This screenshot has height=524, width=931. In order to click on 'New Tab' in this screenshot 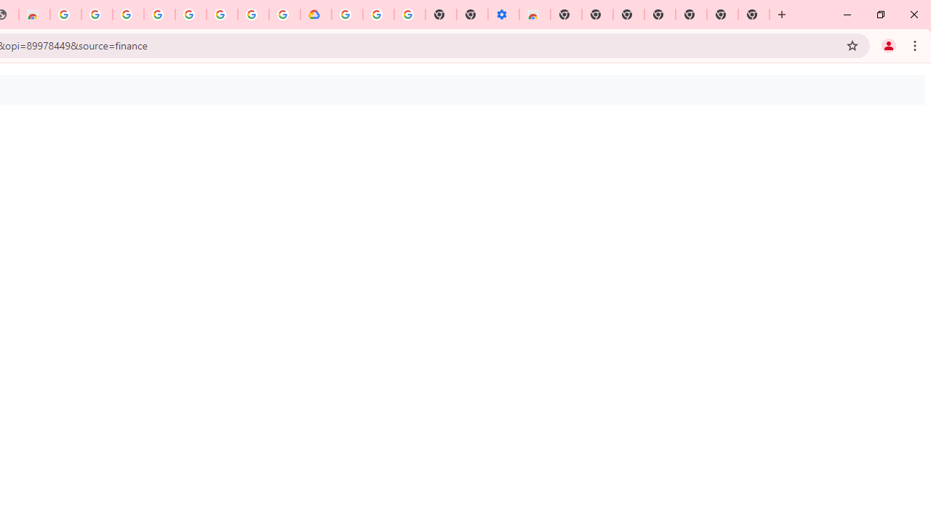, I will do `click(754, 15)`.